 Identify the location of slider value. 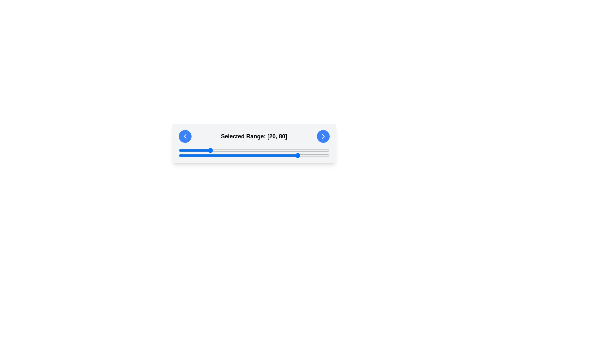
(319, 150).